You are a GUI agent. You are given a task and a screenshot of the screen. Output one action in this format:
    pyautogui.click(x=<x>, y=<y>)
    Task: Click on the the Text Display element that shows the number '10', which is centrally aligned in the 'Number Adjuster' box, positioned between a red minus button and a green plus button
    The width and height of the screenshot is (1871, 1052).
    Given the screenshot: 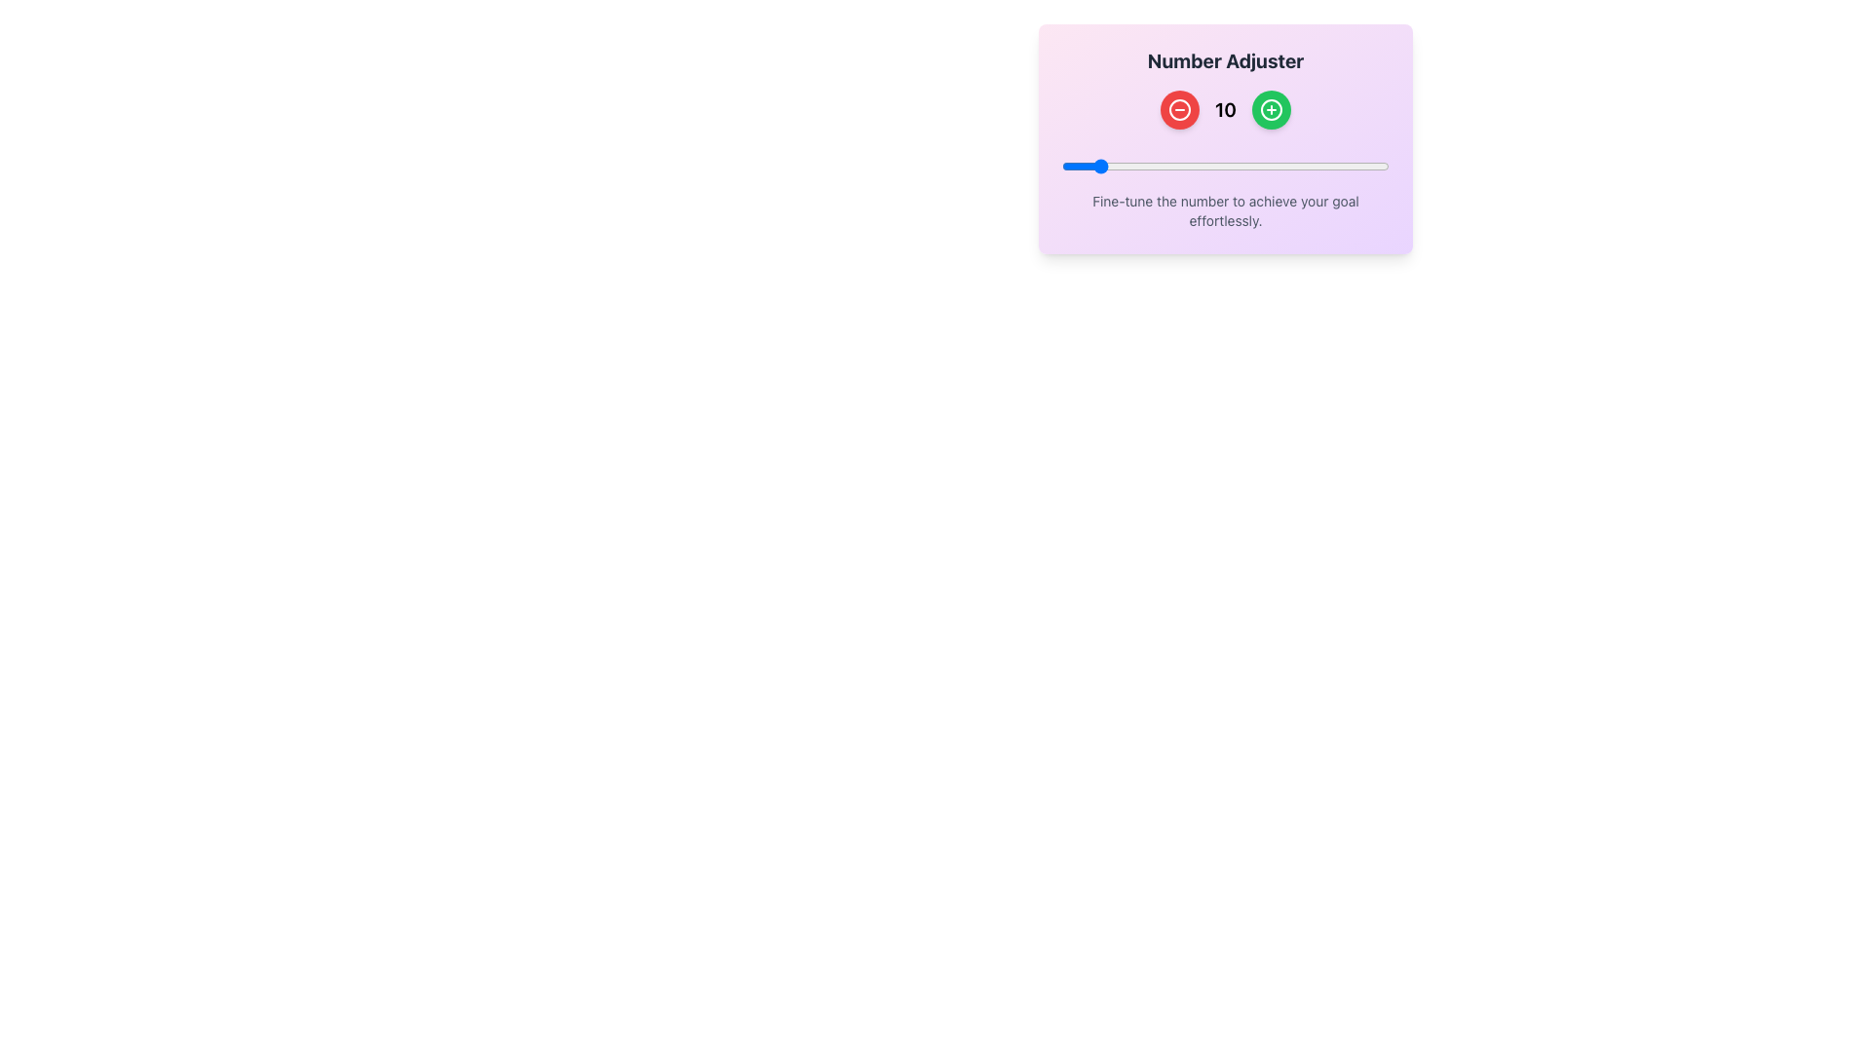 What is the action you would take?
    pyautogui.click(x=1224, y=109)
    